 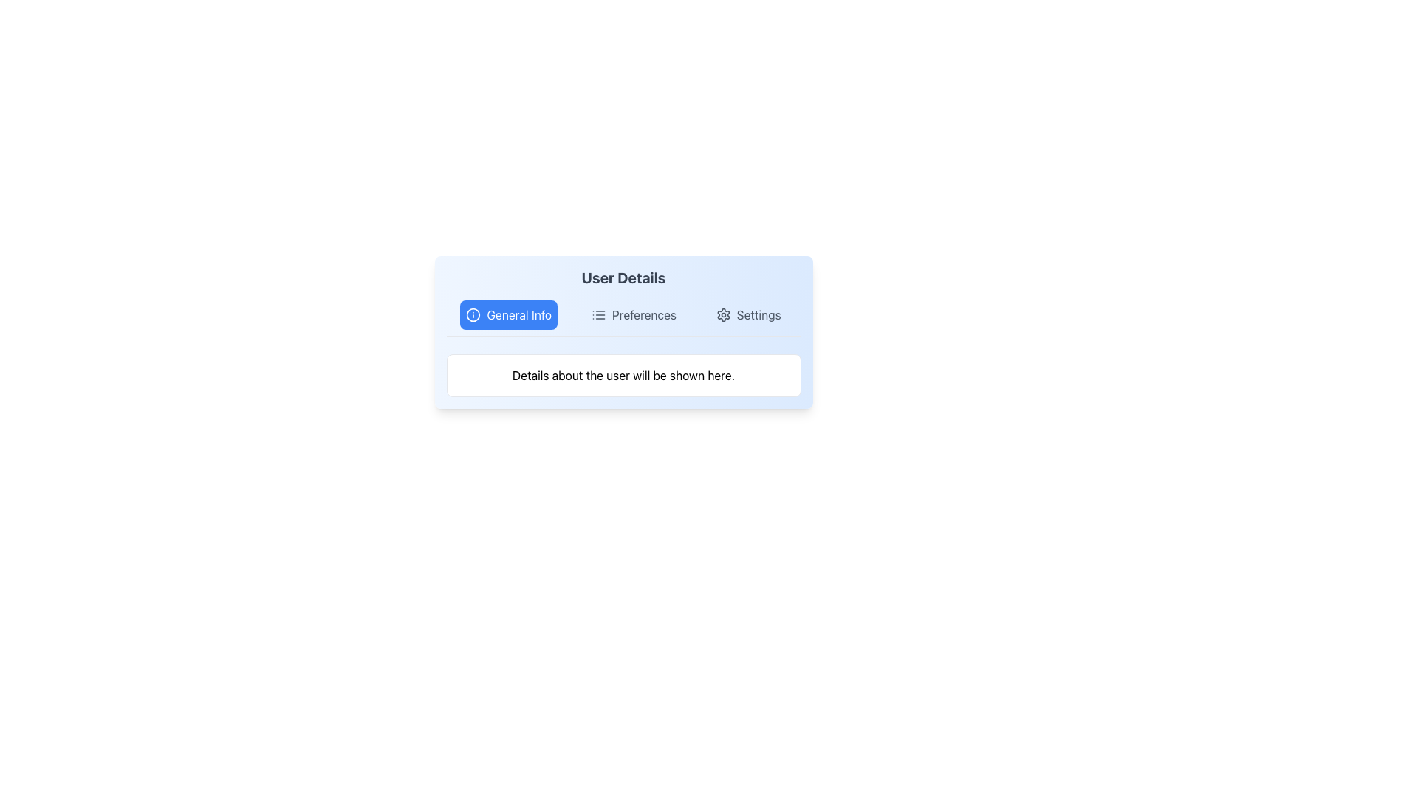 What do you see at coordinates (723, 314) in the screenshot?
I see `the gear-shaped settings icon located on the right side of the navigation bar` at bounding box center [723, 314].